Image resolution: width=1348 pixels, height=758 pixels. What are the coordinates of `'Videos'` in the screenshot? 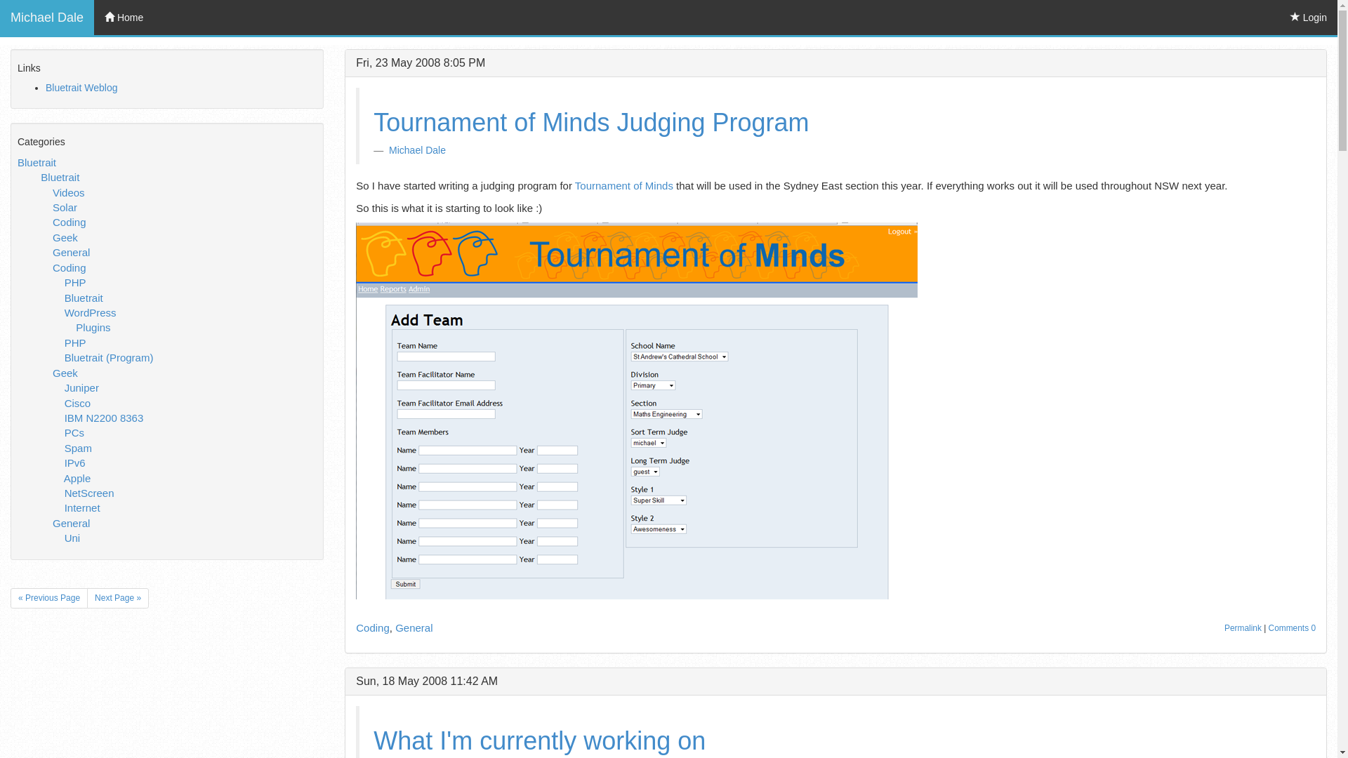 It's located at (67, 192).